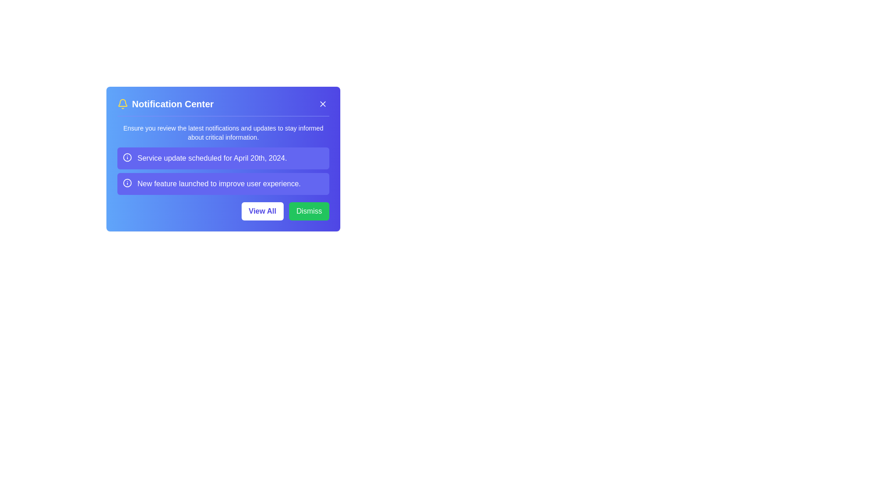  What do you see at coordinates (127, 157) in the screenshot?
I see `the circular info icon, which has a central dot and a stroke outline, styled in white against a colored background, located to the left of the notification bar with the text 'Service update scheduled for April 20th, 2024.'` at bounding box center [127, 157].